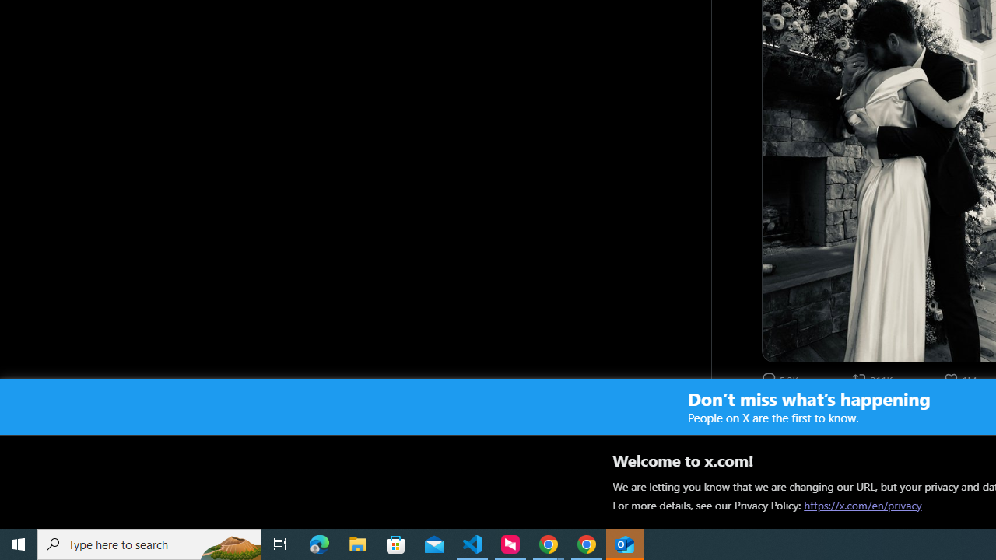  I want to click on '5329 Replies. Reply', so click(781, 379).